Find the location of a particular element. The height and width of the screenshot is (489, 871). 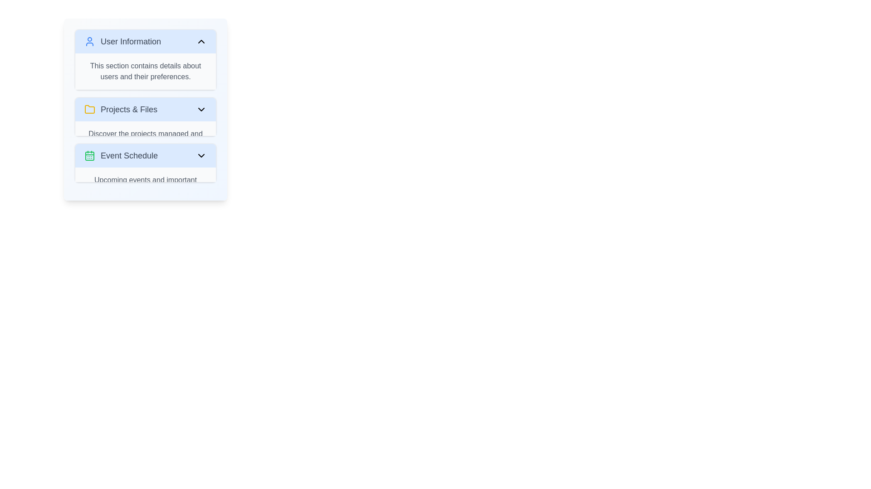

the user information icon located to the left of the 'User Information' text in the first section of the vertically stacked interface is located at coordinates (89, 42).